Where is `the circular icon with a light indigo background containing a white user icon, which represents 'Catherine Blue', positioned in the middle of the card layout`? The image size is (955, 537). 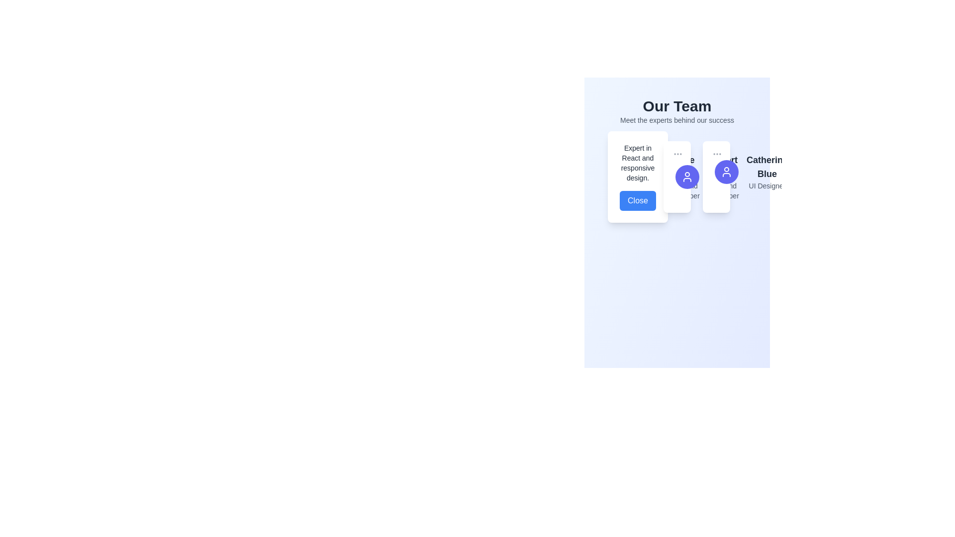
the circular icon with a light indigo background containing a white user icon, which represents 'Catherine Blue', positioned in the middle of the card layout is located at coordinates (716, 176).